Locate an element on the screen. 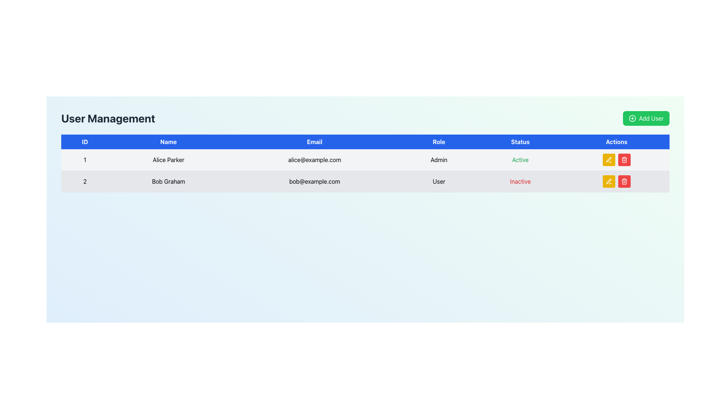  the red button with a trash icon in the actions column of the user 'Bob Graham' in the 'User Management' table is located at coordinates (616, 181).